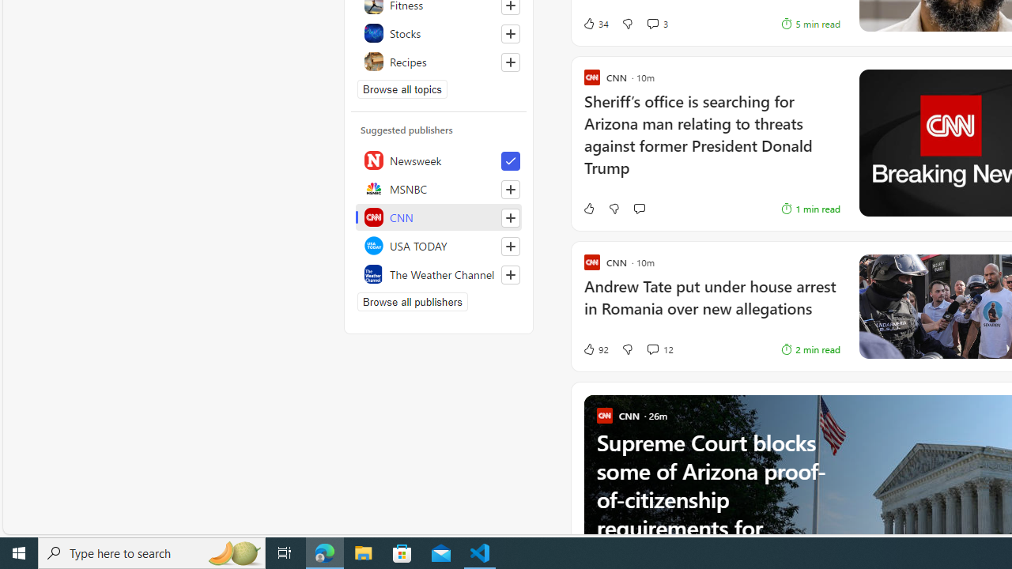 The width and height of the screenshot is (1012, 569). I want to click on 'Browse all publishers', so click(412, 301).